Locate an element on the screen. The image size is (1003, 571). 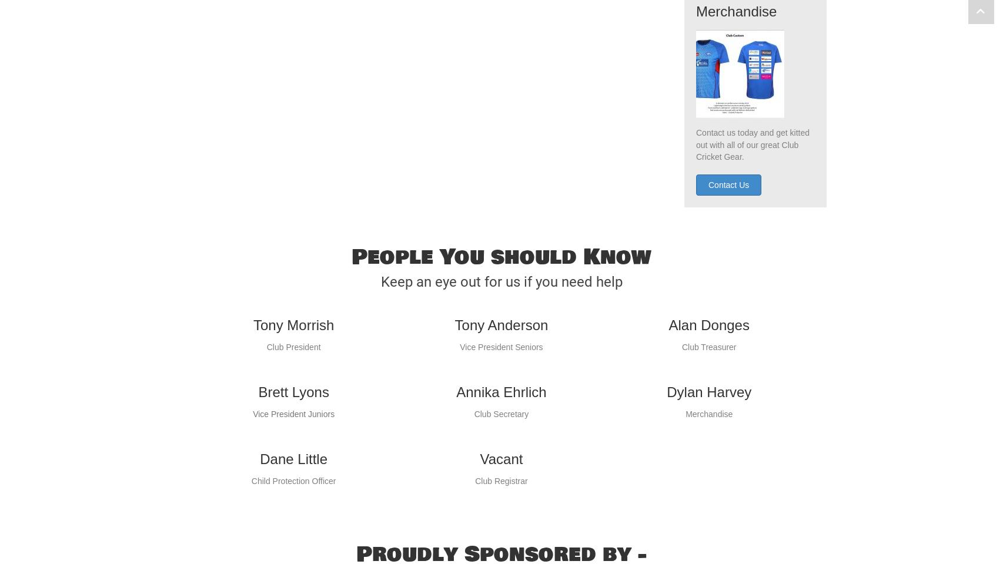
'Contact Us' is located at coordinates (708, 209).